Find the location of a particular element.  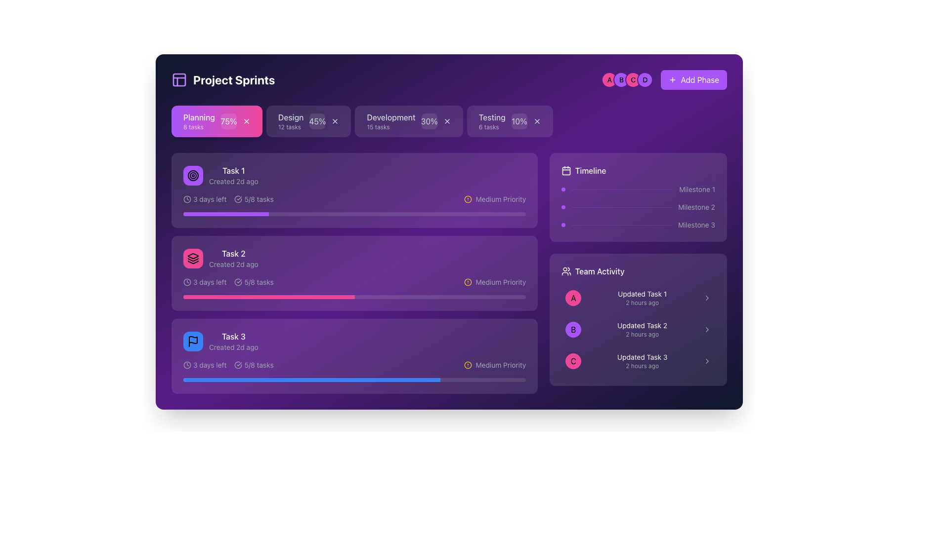

the circular graphical SVG element within the clock icon located in the 'Task 3' card under the 'Project Sprints' section is located at coordinates (187, 365).